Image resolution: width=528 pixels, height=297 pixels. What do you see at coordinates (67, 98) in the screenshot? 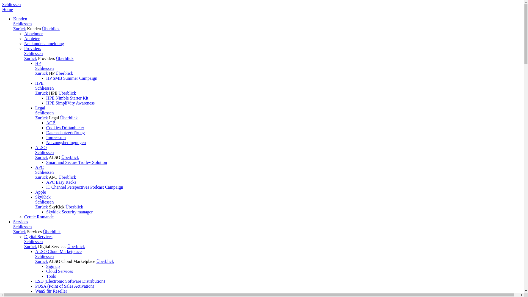
I see `'HPE Nimble Starter Kit'` at bounding box center [67, 98].